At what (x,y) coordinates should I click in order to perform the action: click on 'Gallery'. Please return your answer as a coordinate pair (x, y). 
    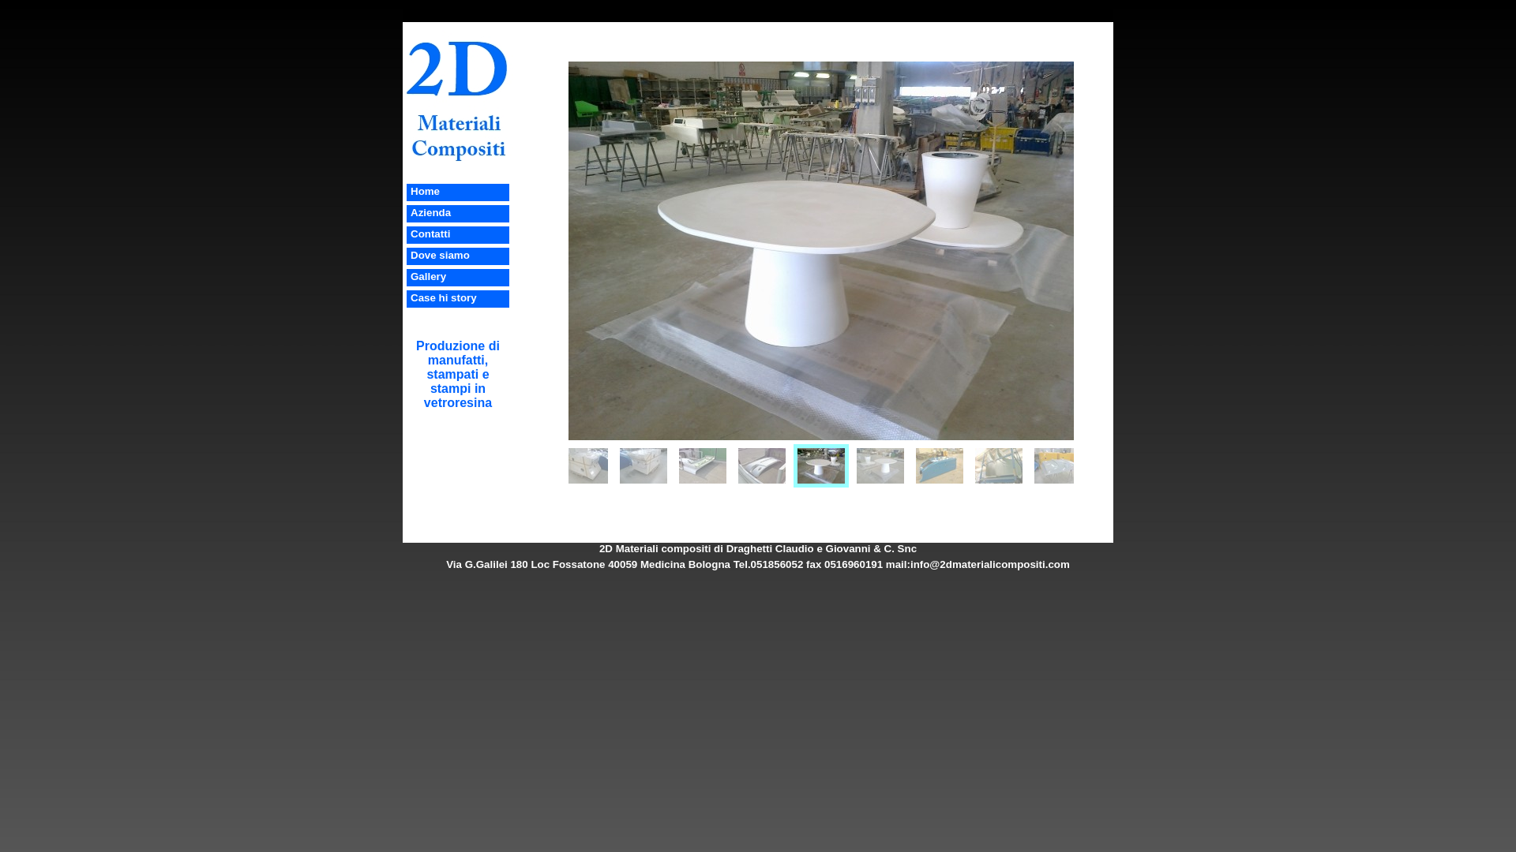
    Looking at the image, I should click on (428, 275).